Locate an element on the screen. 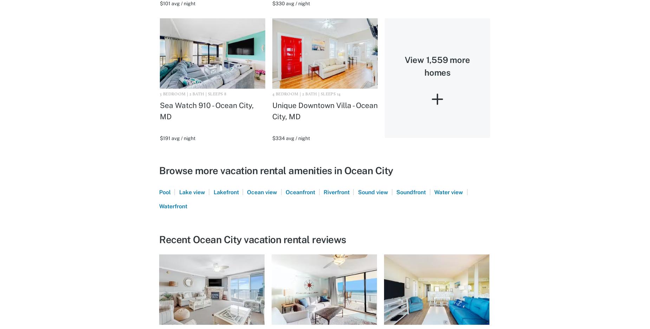  'Soundfront' is located at coordinates (396, 191).